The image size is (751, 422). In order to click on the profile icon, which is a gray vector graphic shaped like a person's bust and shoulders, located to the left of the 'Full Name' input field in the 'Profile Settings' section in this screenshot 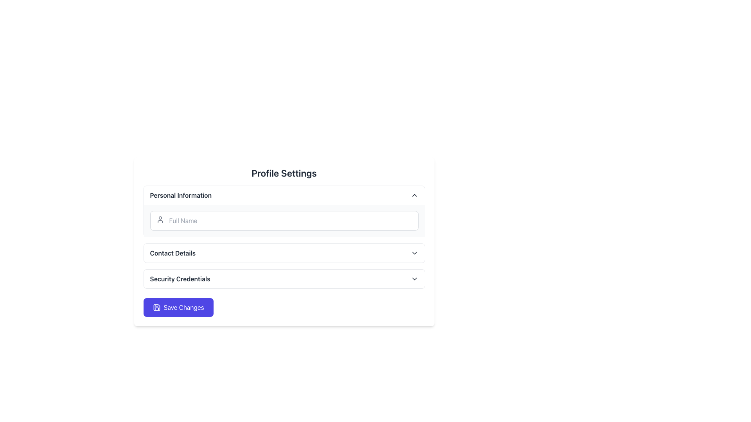, I will do `click(160, 220)`.